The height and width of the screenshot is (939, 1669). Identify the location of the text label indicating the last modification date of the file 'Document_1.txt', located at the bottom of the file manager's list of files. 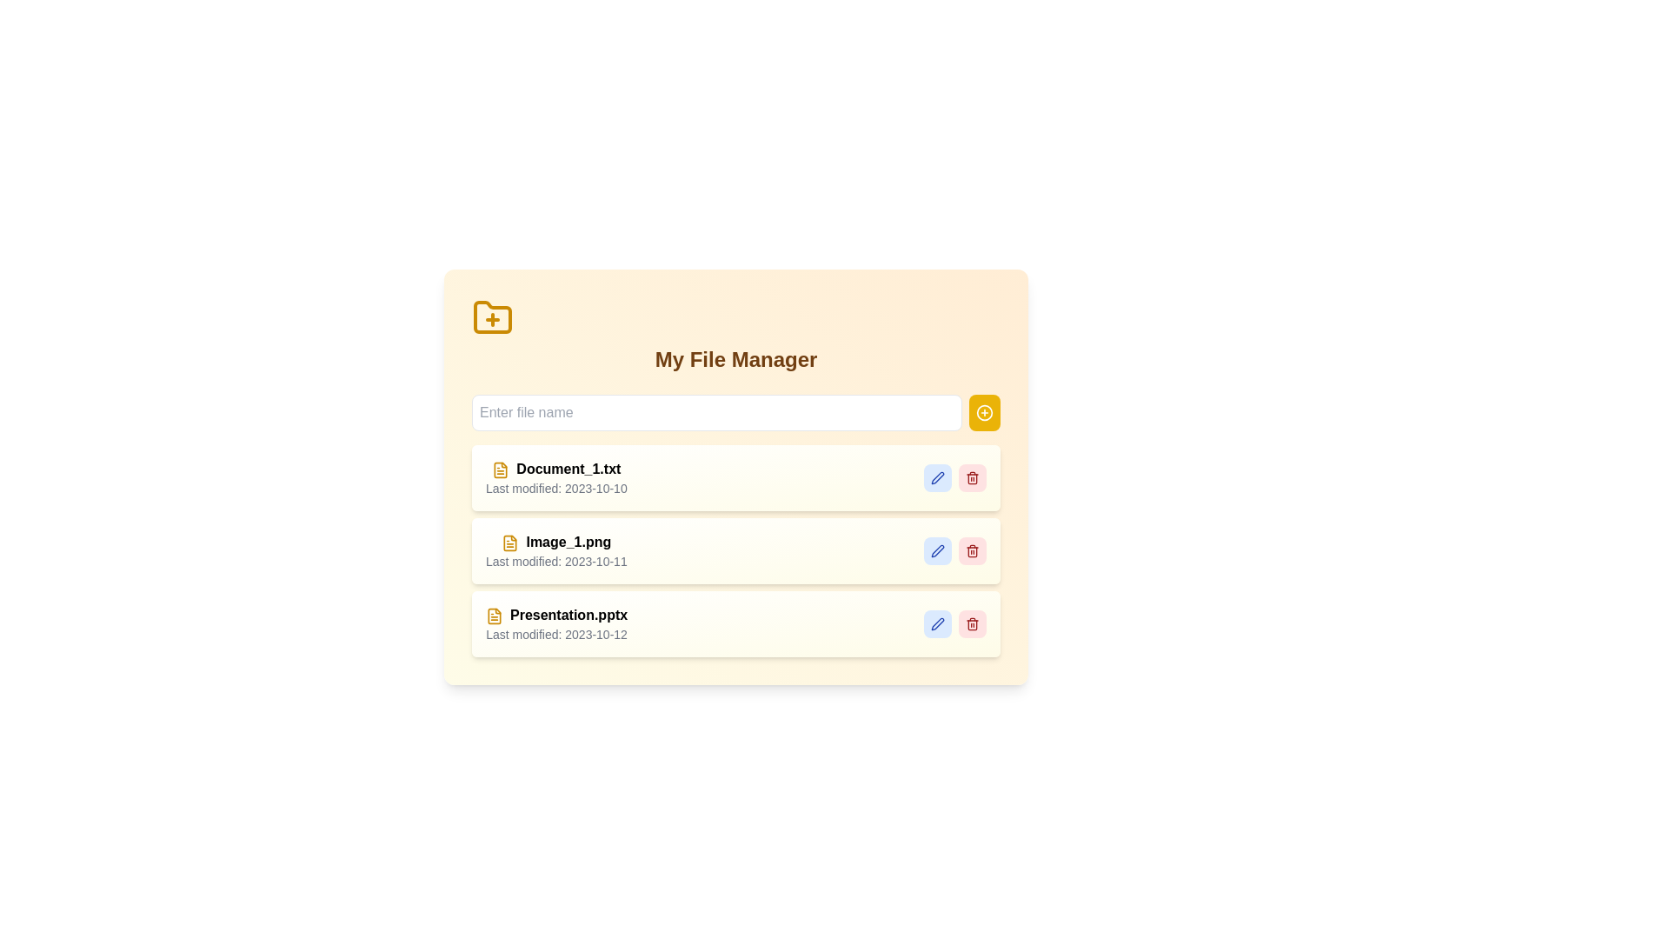
(556, 489).